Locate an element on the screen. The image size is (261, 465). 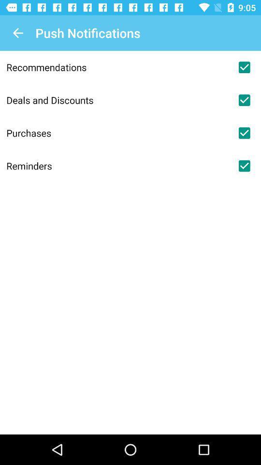
the reminders is located at coordinates (117, 166).